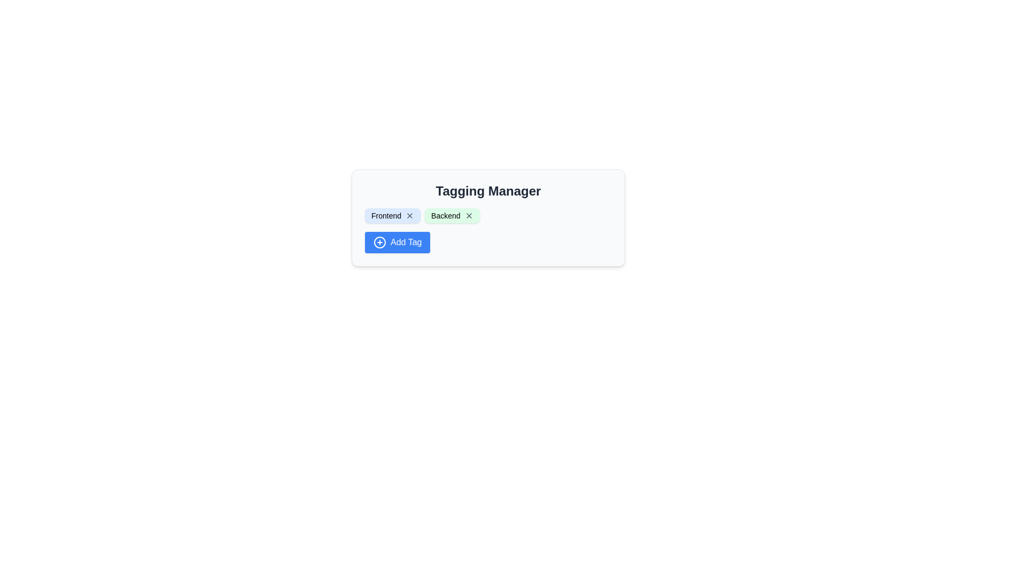  Describe the element at coordinates (379, 243) in the screenshot. I see `the SVG icon depicting a circular outline with a plus symbol inside, located to the left of the 'Add Tag' button in the 'Tagging Manager' modal` at that location.